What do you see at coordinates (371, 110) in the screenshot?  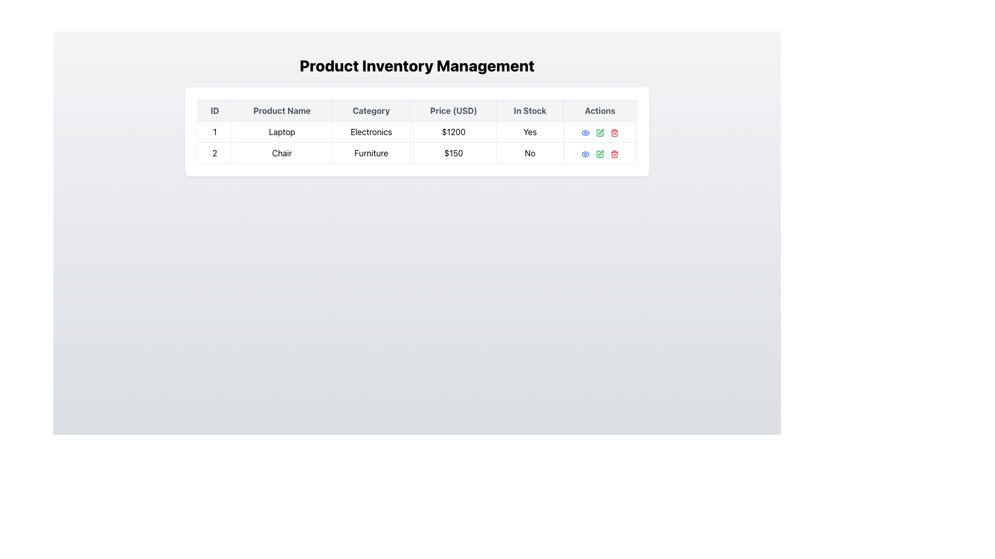 I see `the header label with the text 'Category', which is the third entry in the table header row, situated between 'Product Name' and 'Price (USD)'` at bounding box center [371, 110].